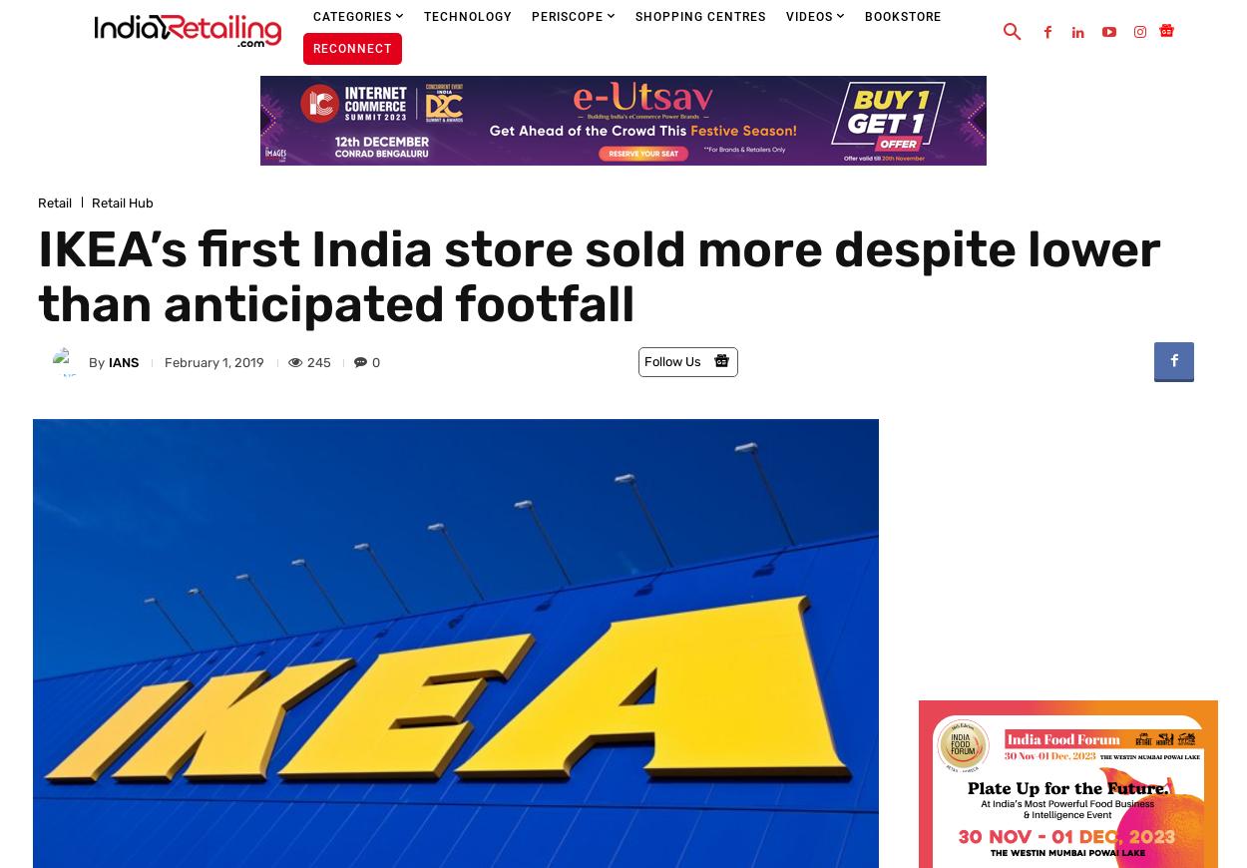 Image resolution: width=1247 pixels, height=868 pixels. I want to click on 'Retail', so click(55, 201).